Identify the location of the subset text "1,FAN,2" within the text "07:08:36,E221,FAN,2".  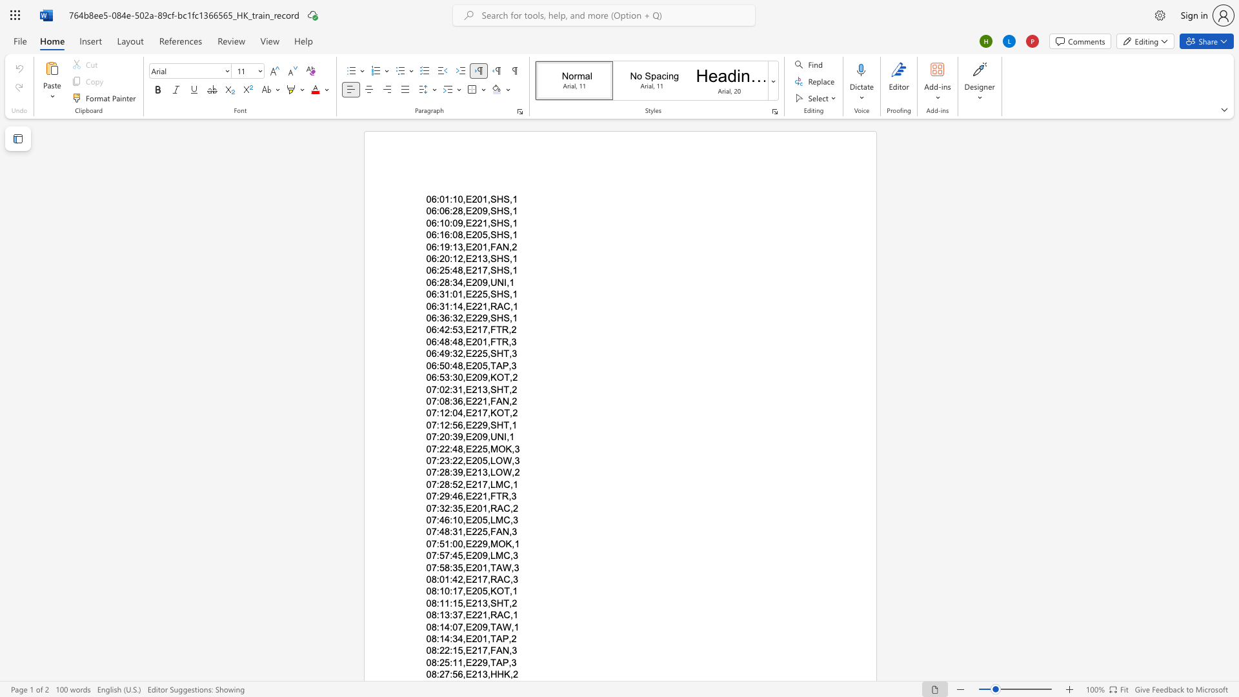
(481, 400).